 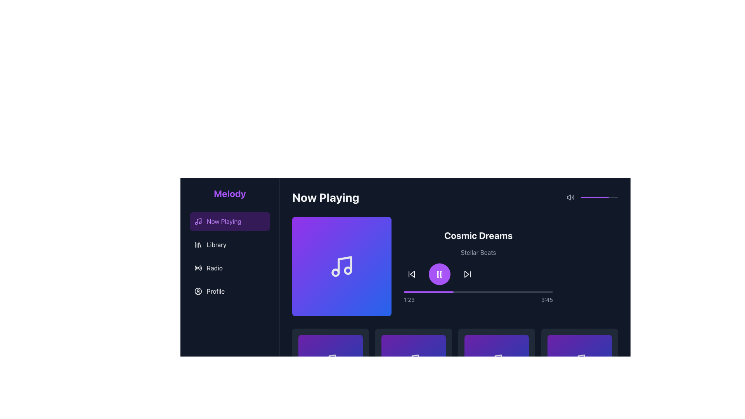 What do you see at coordinates (506, 292) in the screenshot?
I see `media playback` at bounding box center [506, 292].